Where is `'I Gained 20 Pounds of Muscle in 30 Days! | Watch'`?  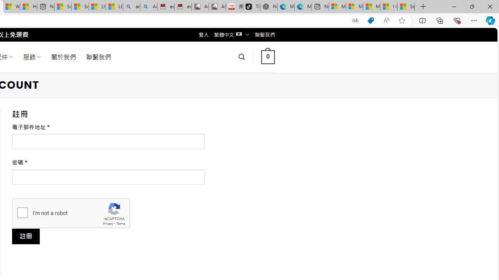
'I Gained 20 Pounds of Muscle in 30 Days! | Watch' is located at coordinates (389, 7).